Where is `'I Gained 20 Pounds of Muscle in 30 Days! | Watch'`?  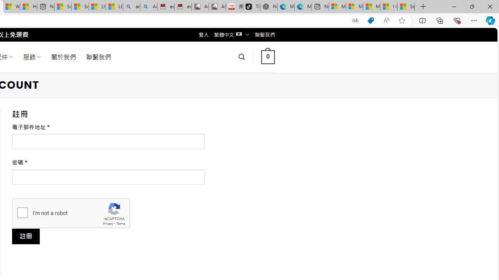
'I Gained 20 Pounds of Muscle in 30 Days! | Watch' is located at coordinates (389, 7).